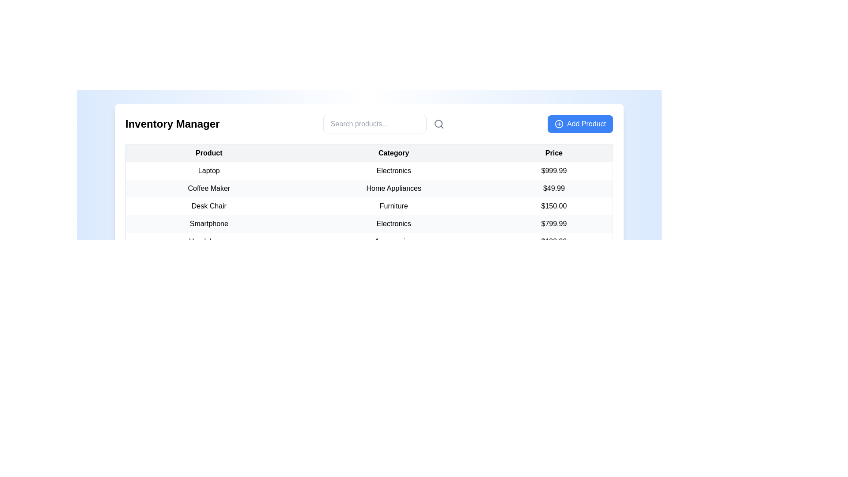  I want to click on the Table Header Row that indicates the data categories of 'Product', 'Category', and 'Price' for the rows below, so click(369, 152).